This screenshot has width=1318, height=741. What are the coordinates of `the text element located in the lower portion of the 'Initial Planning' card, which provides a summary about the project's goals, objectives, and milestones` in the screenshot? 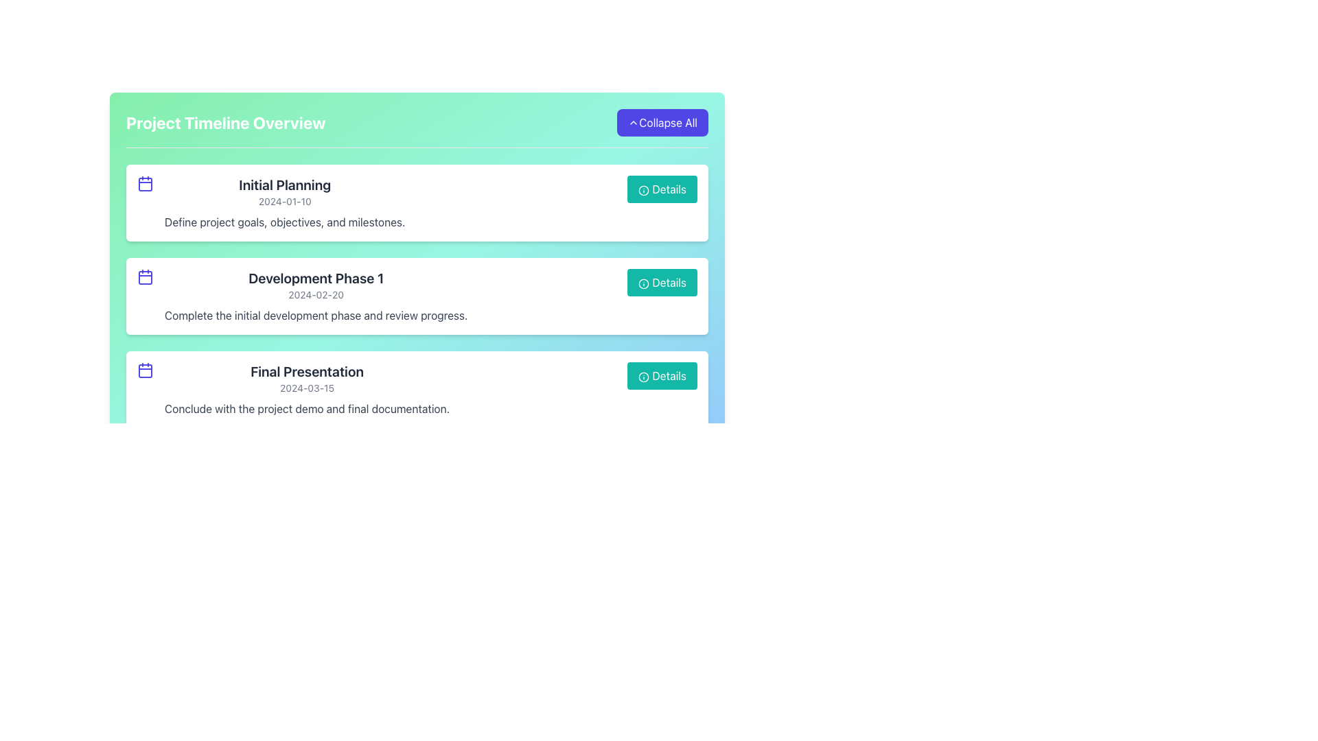 It's located at (284, 222).